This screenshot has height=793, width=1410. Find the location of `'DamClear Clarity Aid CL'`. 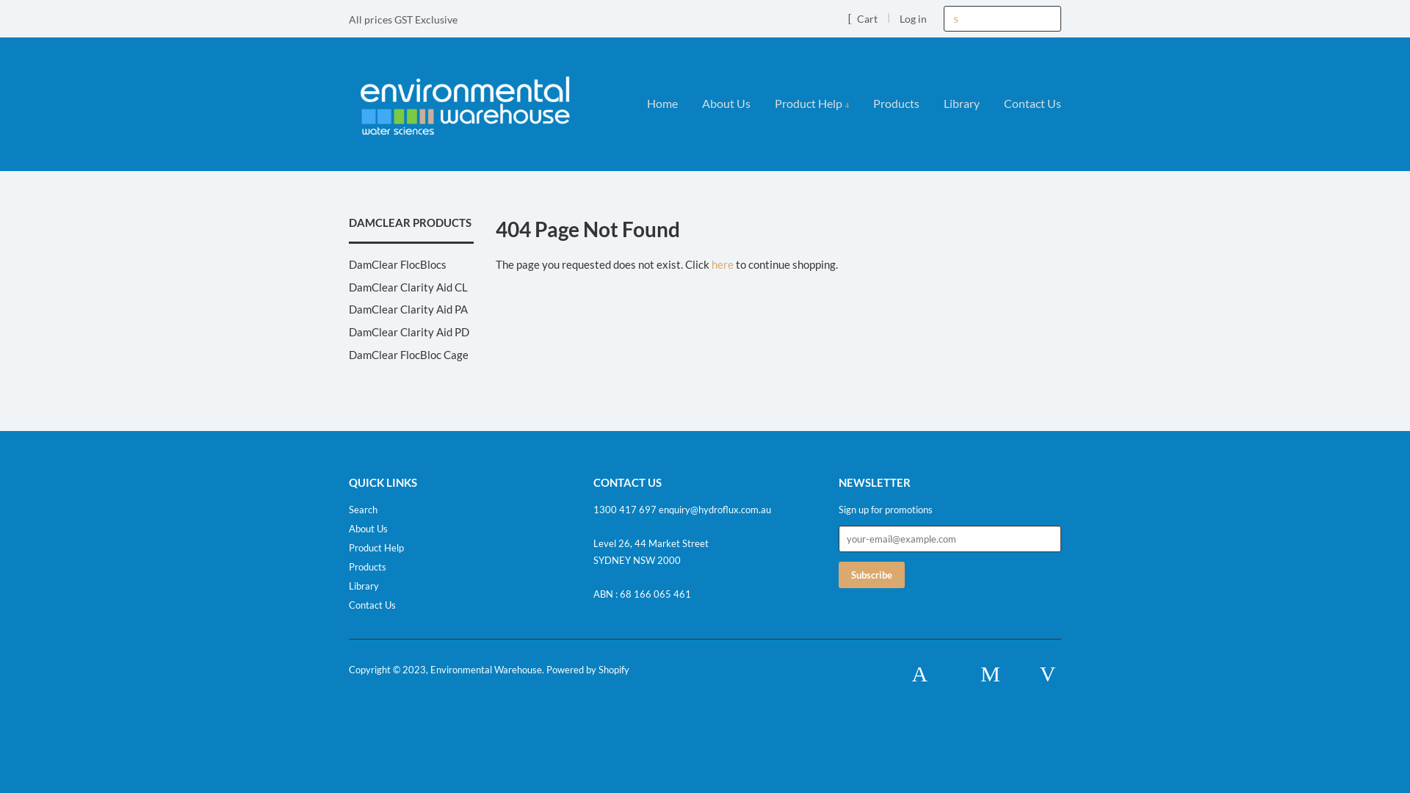

'DamClear Clarity Aid CL' is located at coordinates (408, 286).